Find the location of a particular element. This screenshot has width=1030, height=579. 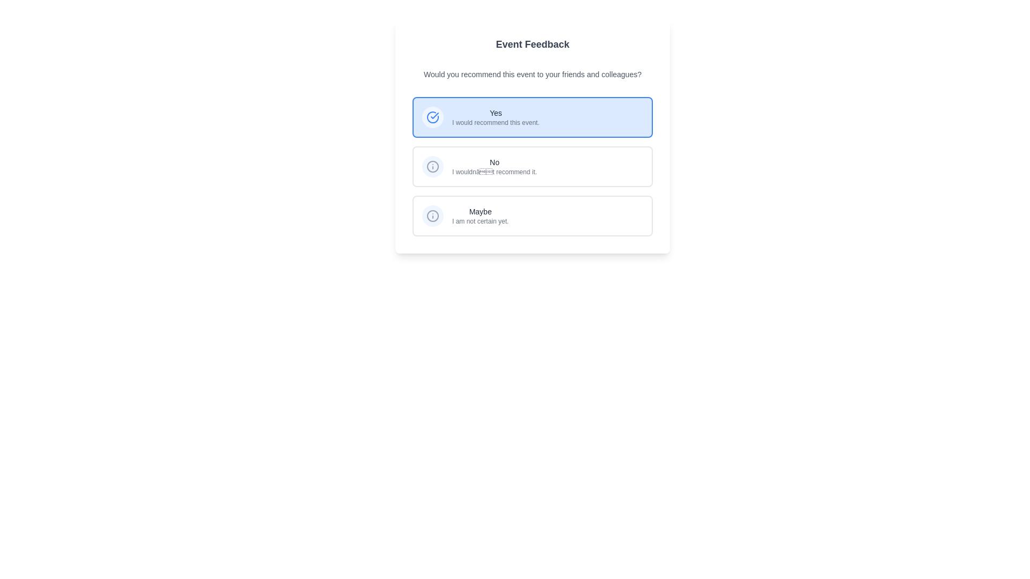

the third option in the vertical list, which allows users to express indecision or uncertainty is located at coordinates (480, 216).